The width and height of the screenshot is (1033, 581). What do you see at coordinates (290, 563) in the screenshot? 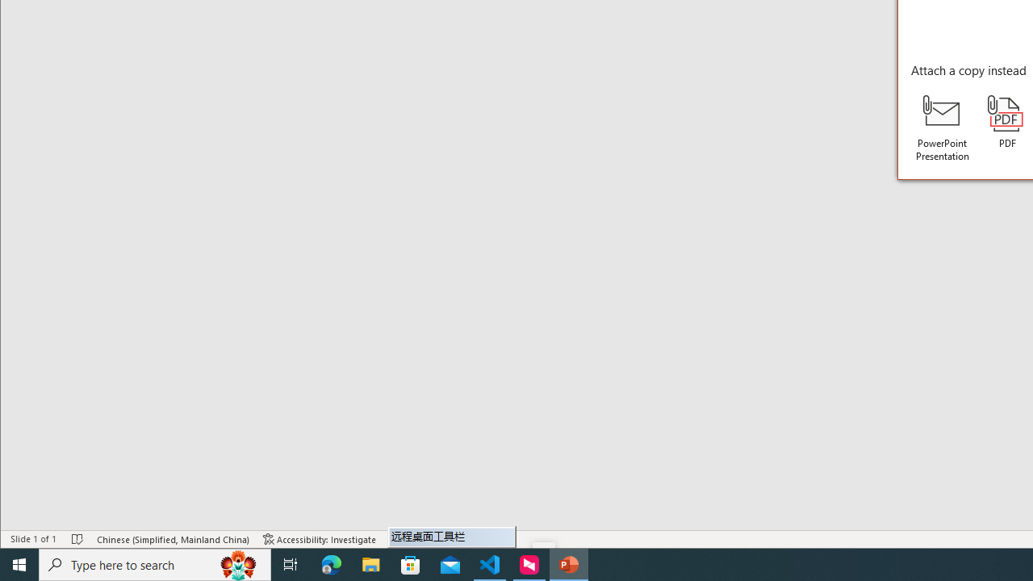
I see `'Task View'` at bounding box center [290, 563].